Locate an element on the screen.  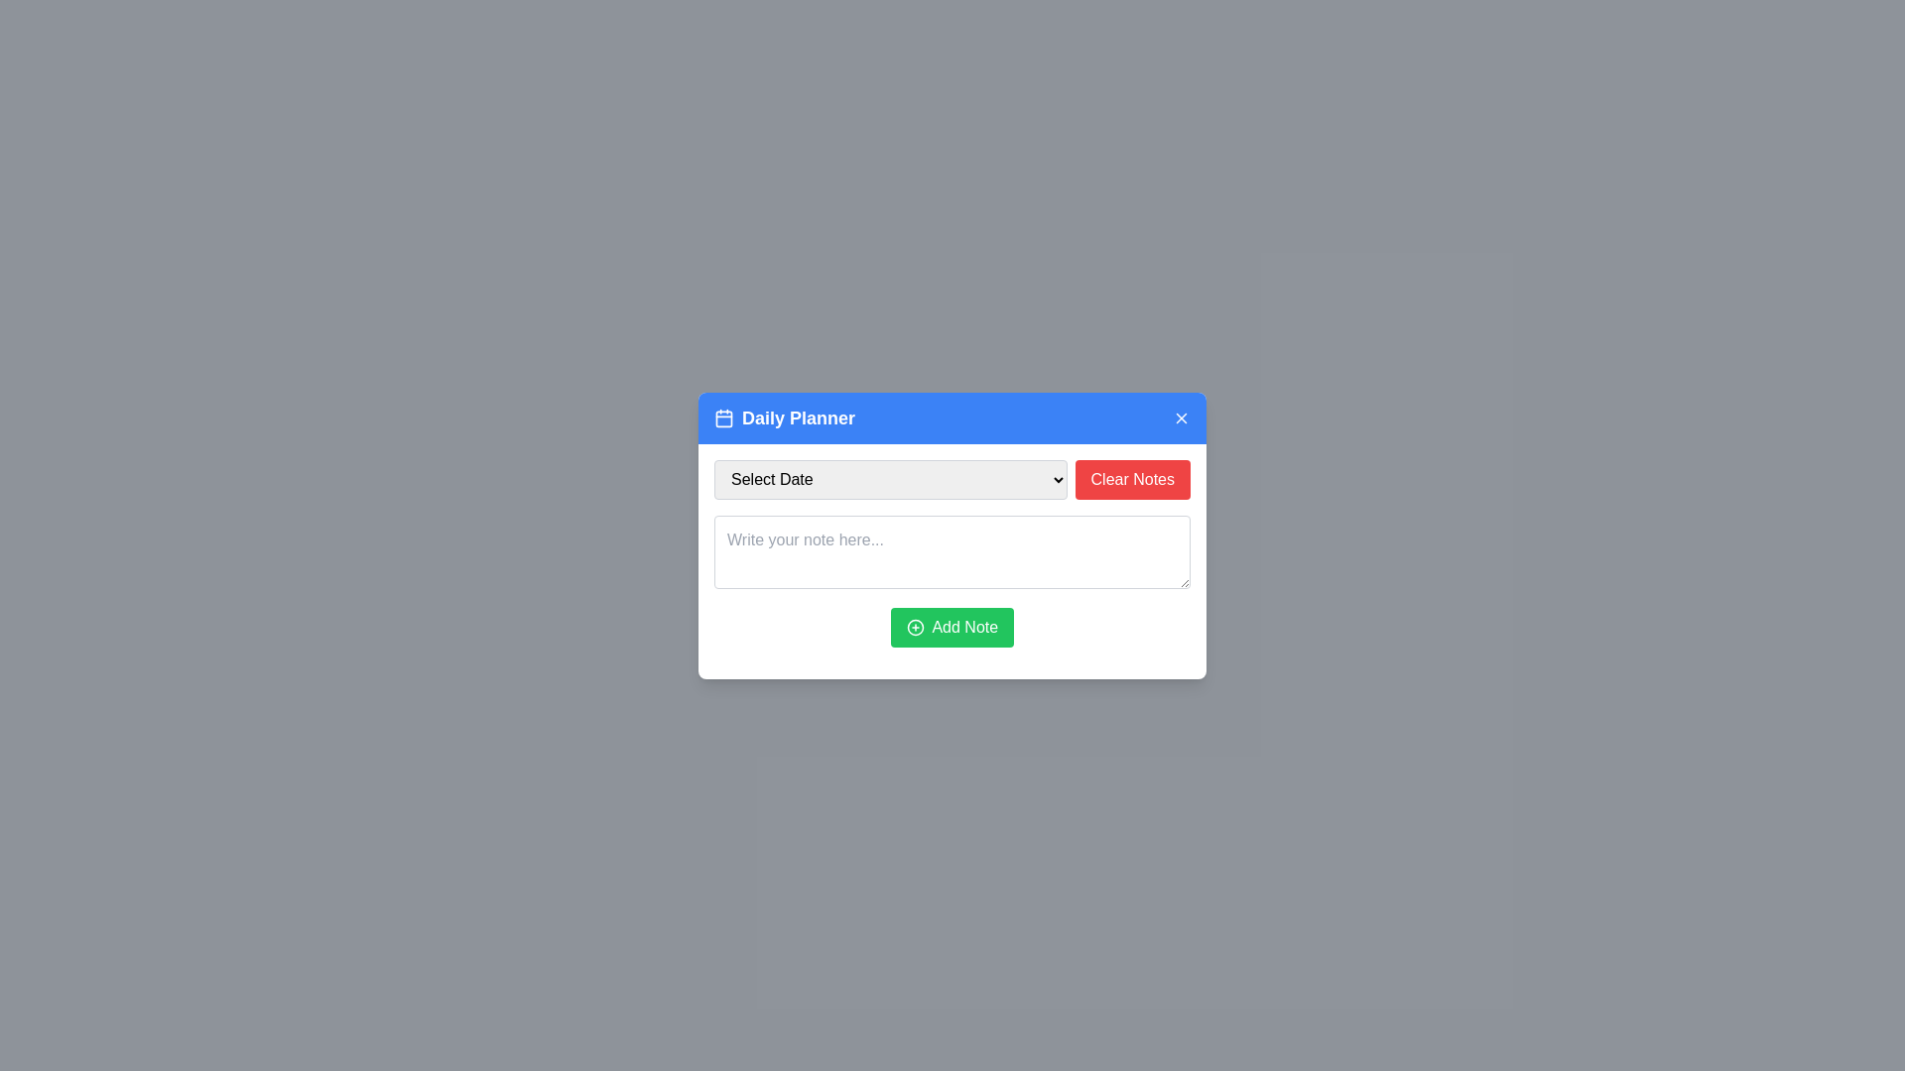
the Decorative Icon located on the left end of the green 'Add Note' button, which emphasizes the purpose of adding content or notes is located at coordinates (914, 628).